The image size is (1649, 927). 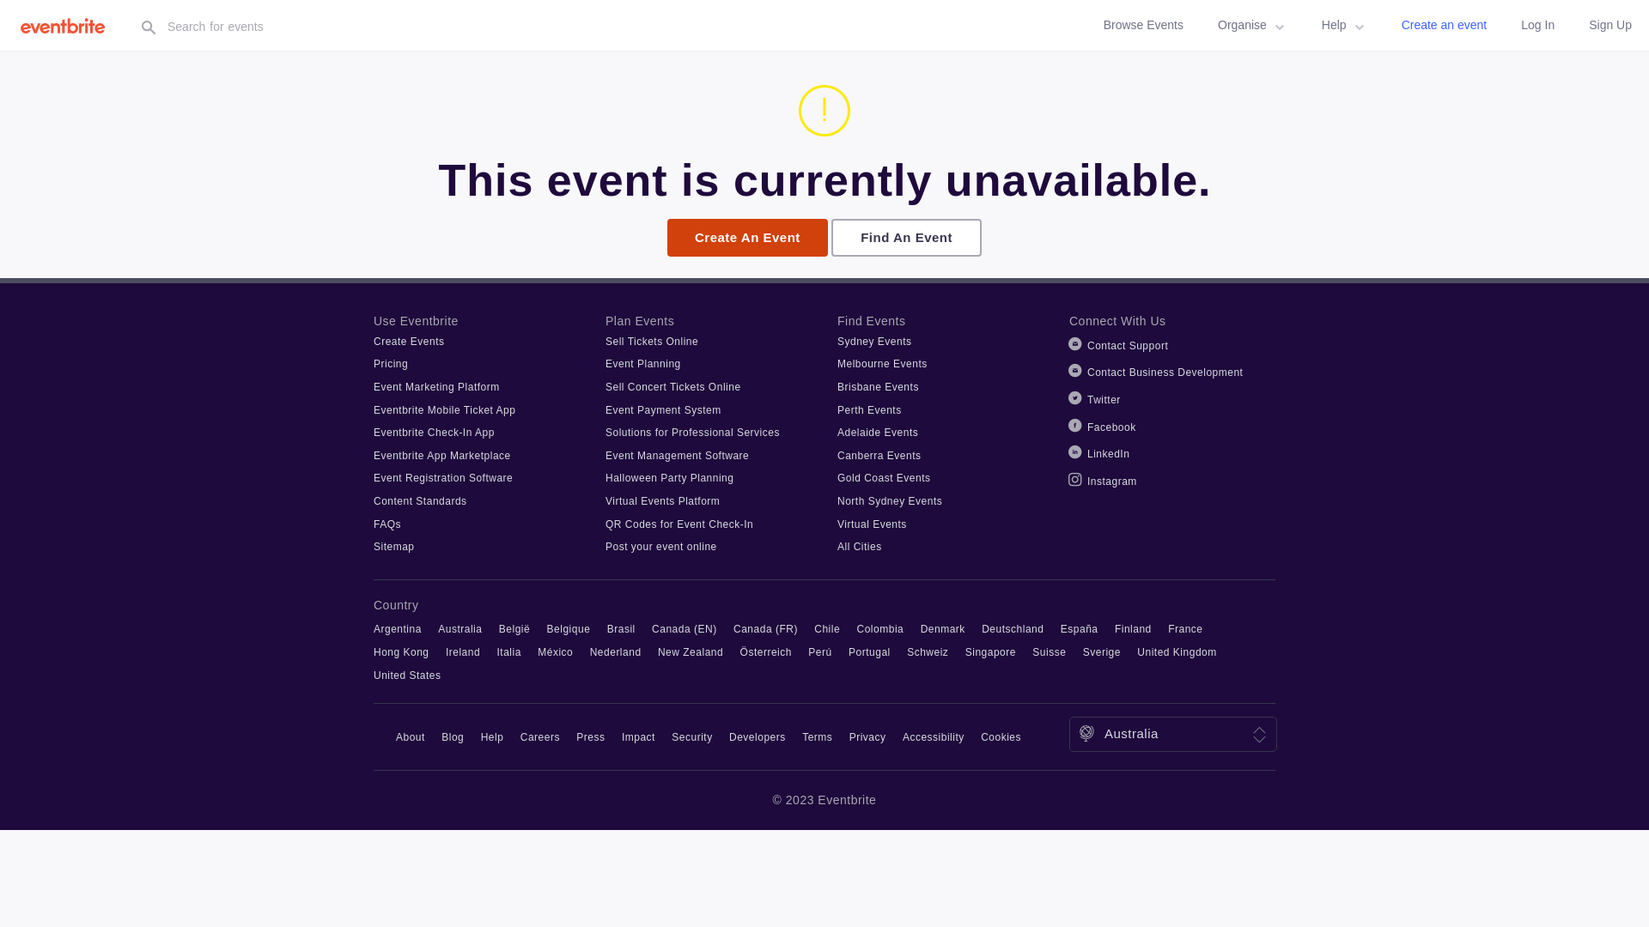 I want to click on 'Deutschland', so click(x=1013, y=628).